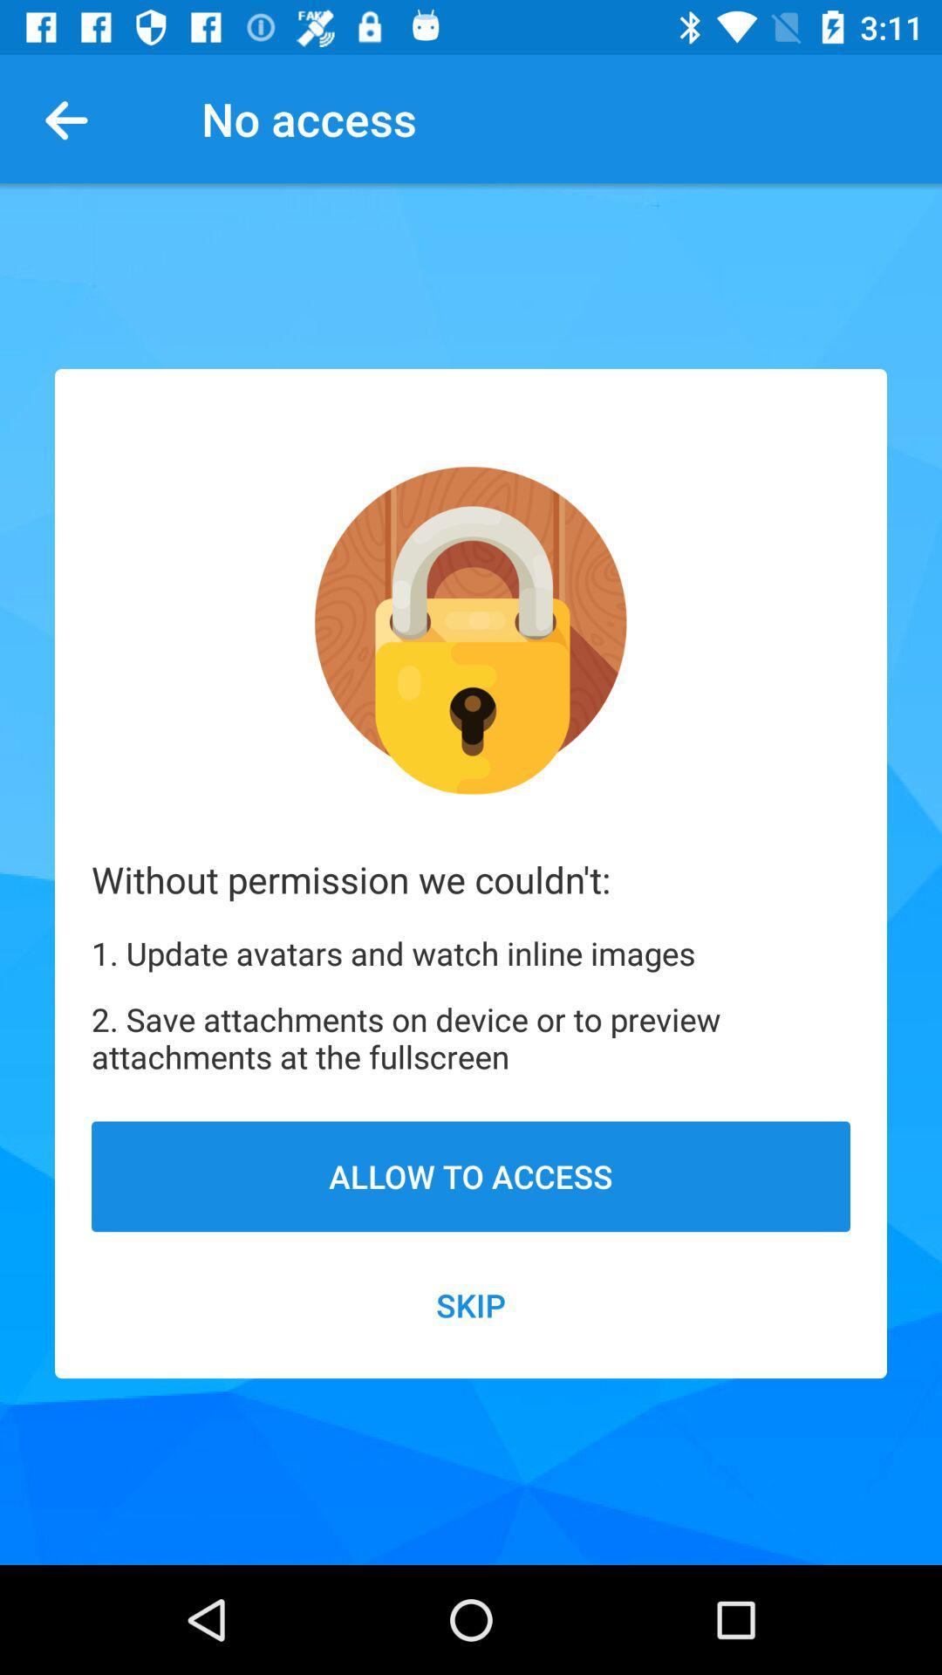 This screenshot has height=1675, width=942. Describe the element at coordinates (72, 118) in the screenshot. I see `app next to no access icon` at that location.